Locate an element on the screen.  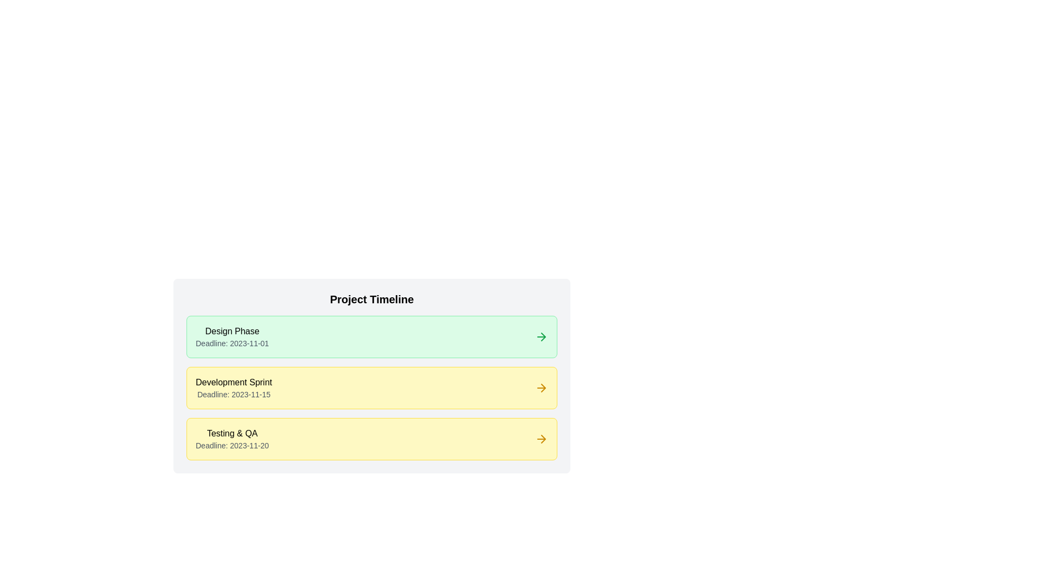
the arrow-shaped vector graphic element within the SVG that indicates navigation or progression in the development sprint box is located at coordinates (543, 387).